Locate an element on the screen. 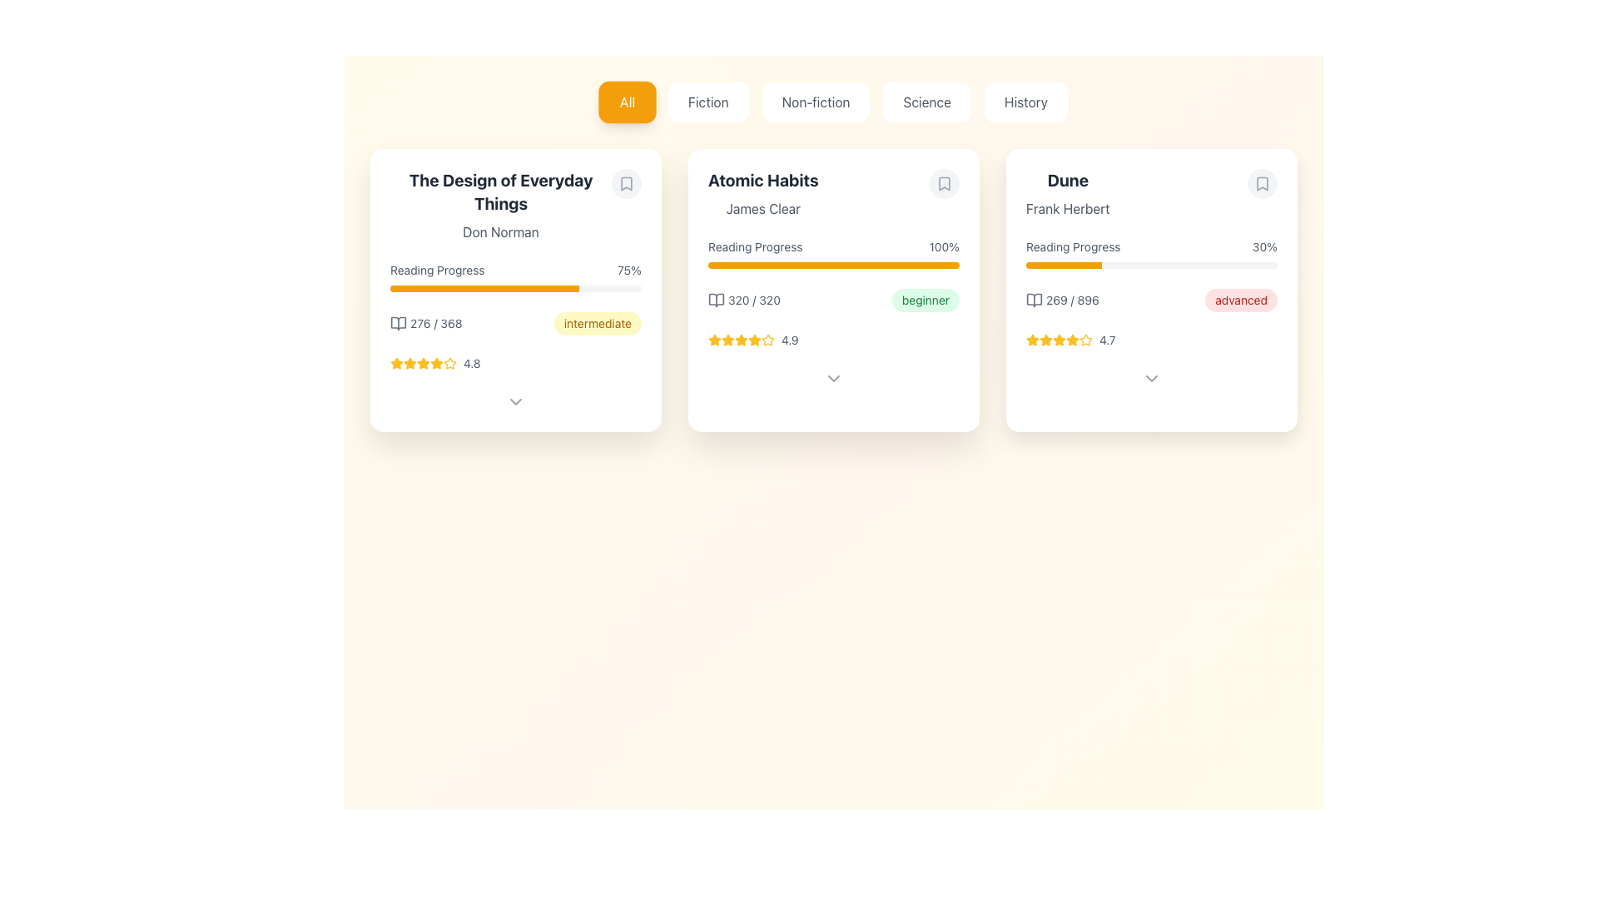 Image resolution: width=1598 pixels, height=899 pixels. the fifth amber-yellow star icon in the rating system of the 'Atomic Habits' card, located beneath the reading progress bar is located at coordinates (741, 339).